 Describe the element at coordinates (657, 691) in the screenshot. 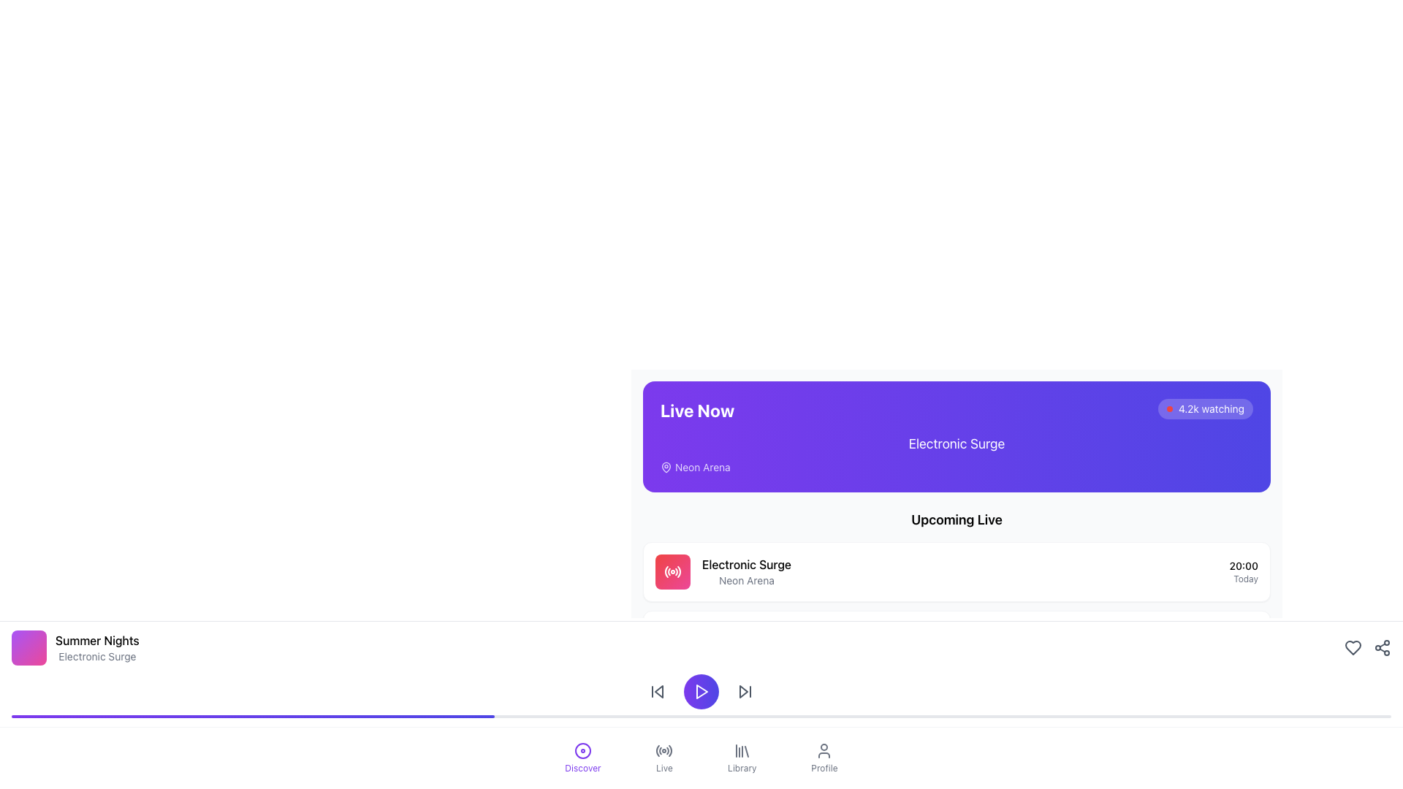

I see `the backward skip button icon on the playback control bar, which is styled as a graphical arrow icon and is the first of three control icons` at that location.